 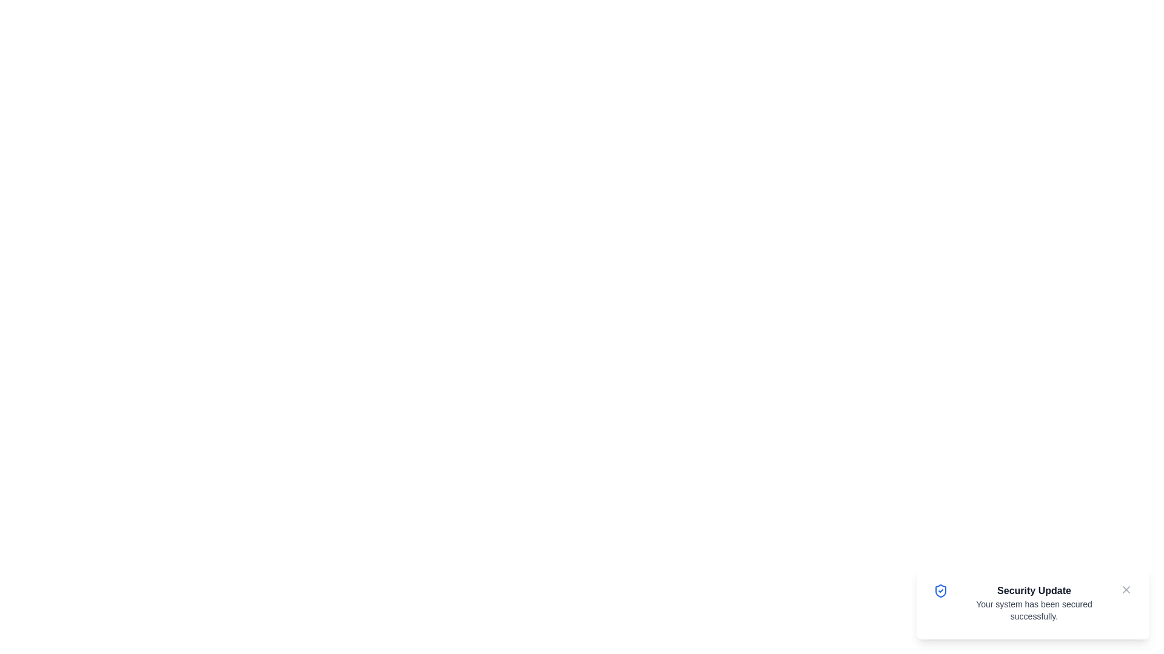 What do you see at coordinates (1125, 589) in the screenshot?
I see `the close button represented by the 'X' icon to dismiss the snackbar` at bounding box center [1125, 589].